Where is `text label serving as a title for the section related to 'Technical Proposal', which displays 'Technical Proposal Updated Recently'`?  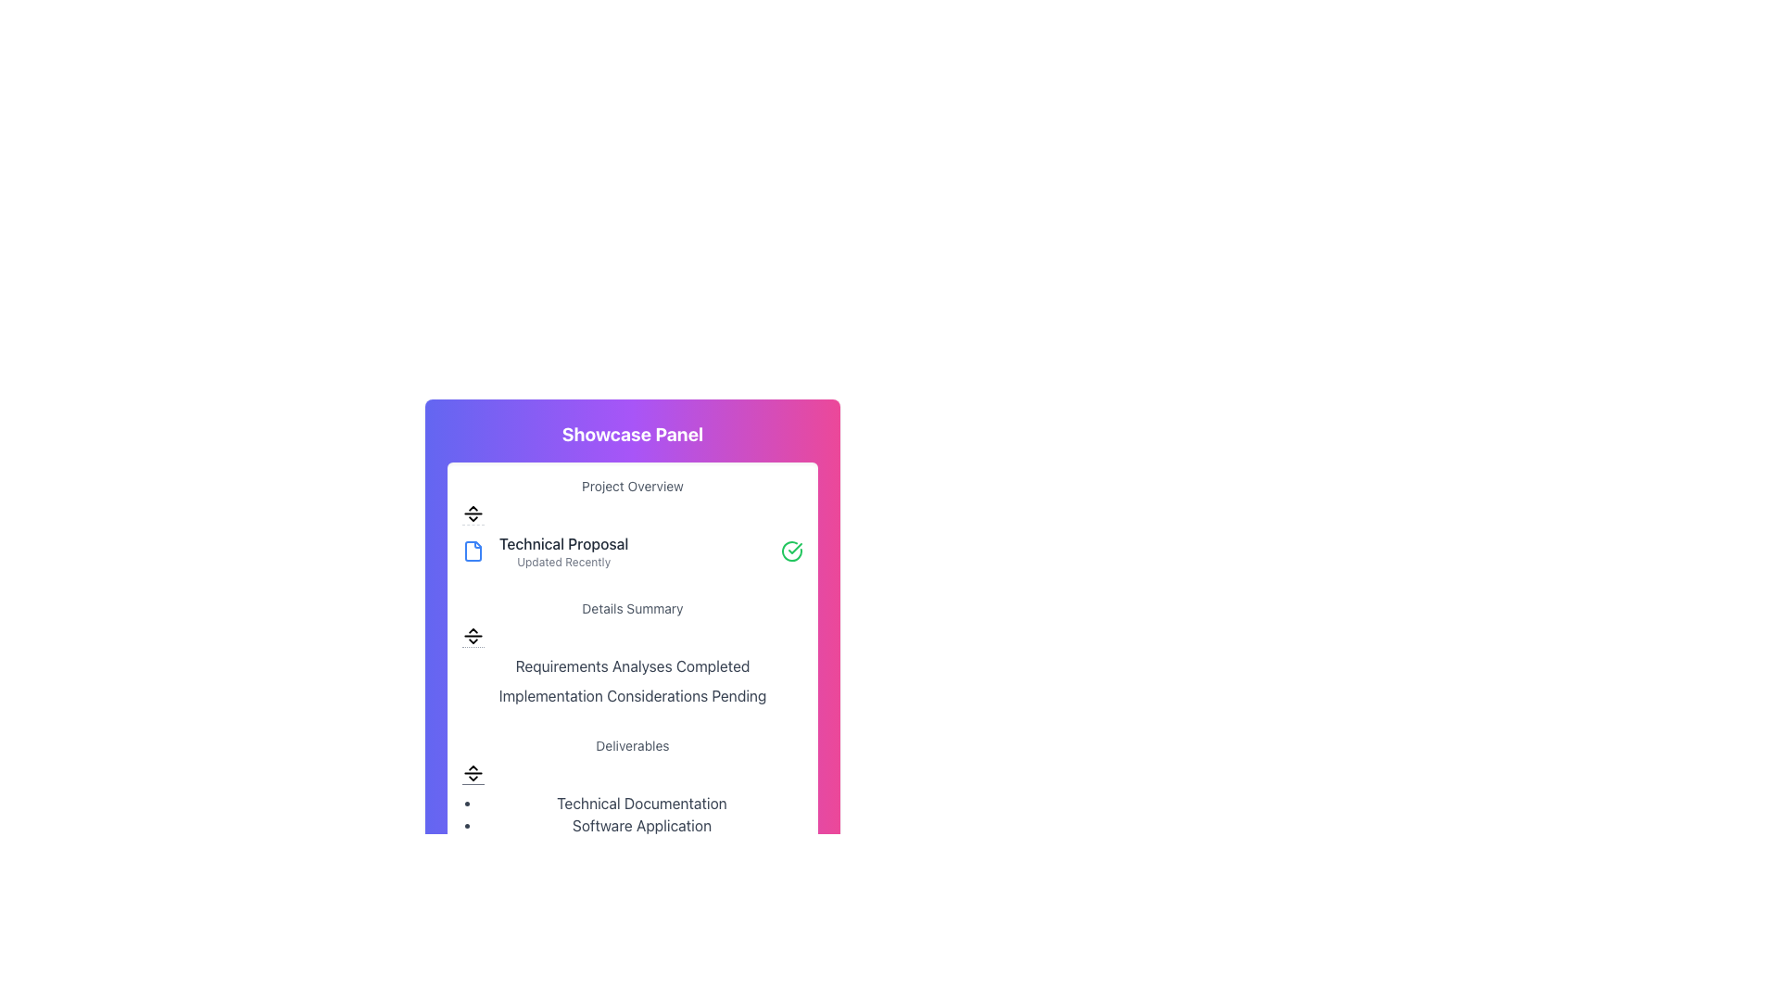
text label serving as a title for the section related to 'Technical Proposal', which displays 'Technical Proposal Updated Recently' is located at coordinates (562, 542).